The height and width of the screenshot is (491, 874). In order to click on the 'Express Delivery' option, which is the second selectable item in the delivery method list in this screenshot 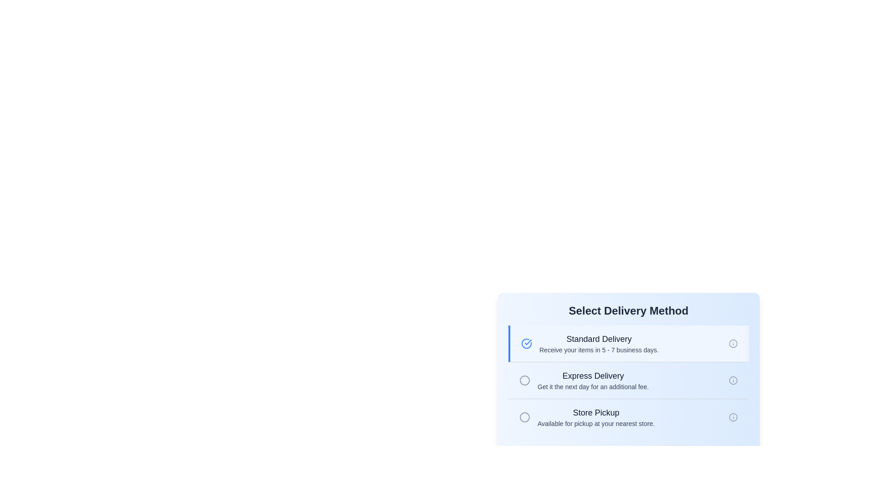, I will do `click(584, 381)`.